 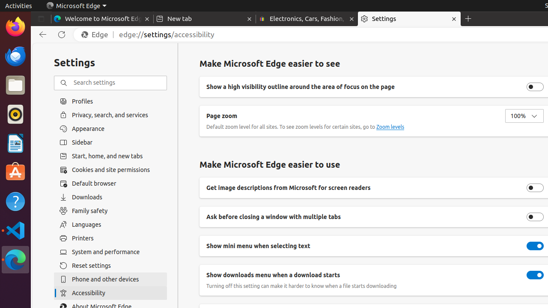 I want to click on 'Downloads', so click(x=110, y=197).